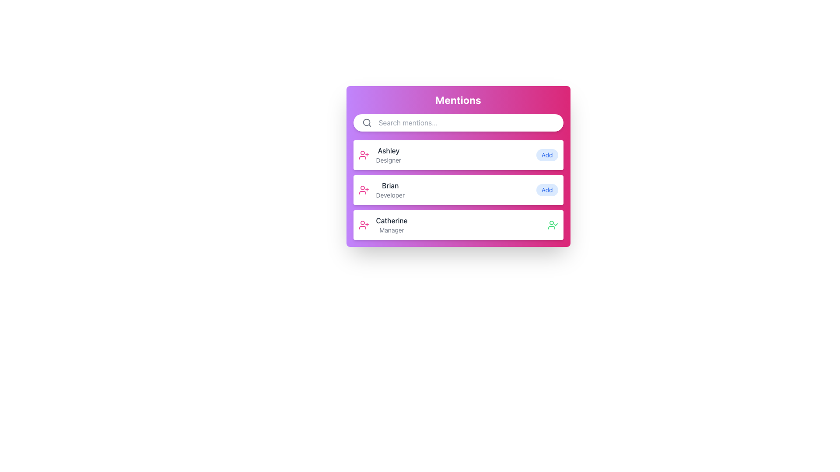  Describe the element at coordinates (546, 190) in the screenshot. I see `the small blue 'Add' button with rounded edges positioned next to 'Brian, Developer'` at that location.